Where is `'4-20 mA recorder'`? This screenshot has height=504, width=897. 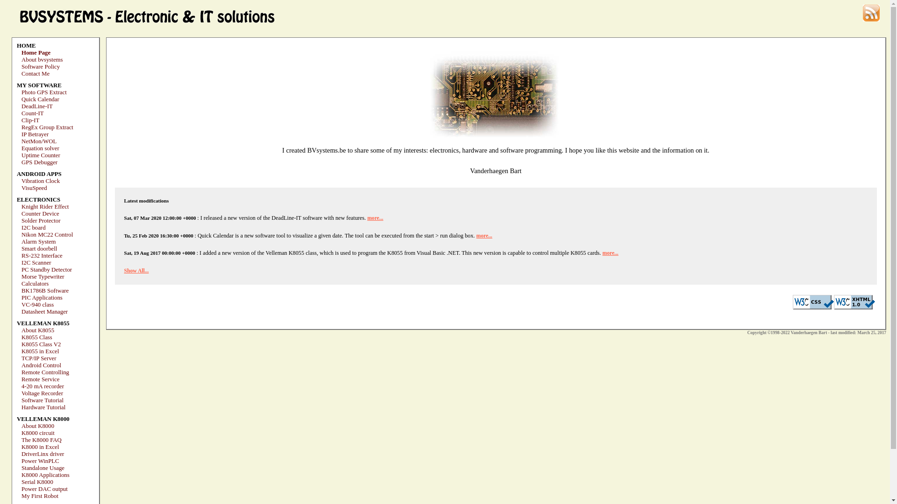
'4-20 mA recorder' is located at coordinates (42, 386).